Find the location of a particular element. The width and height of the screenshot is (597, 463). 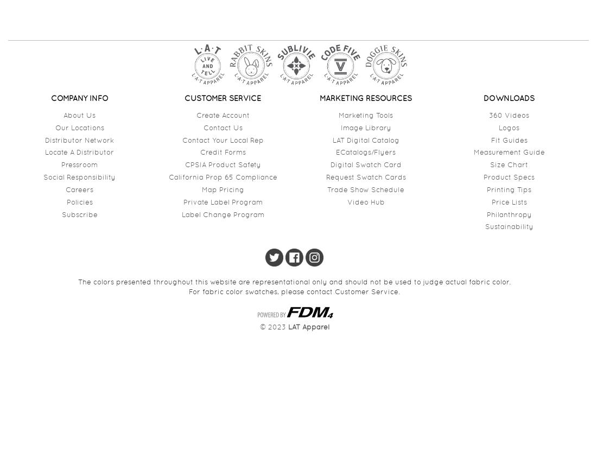

'Credit Forms' is located at coordinates (199, 151).